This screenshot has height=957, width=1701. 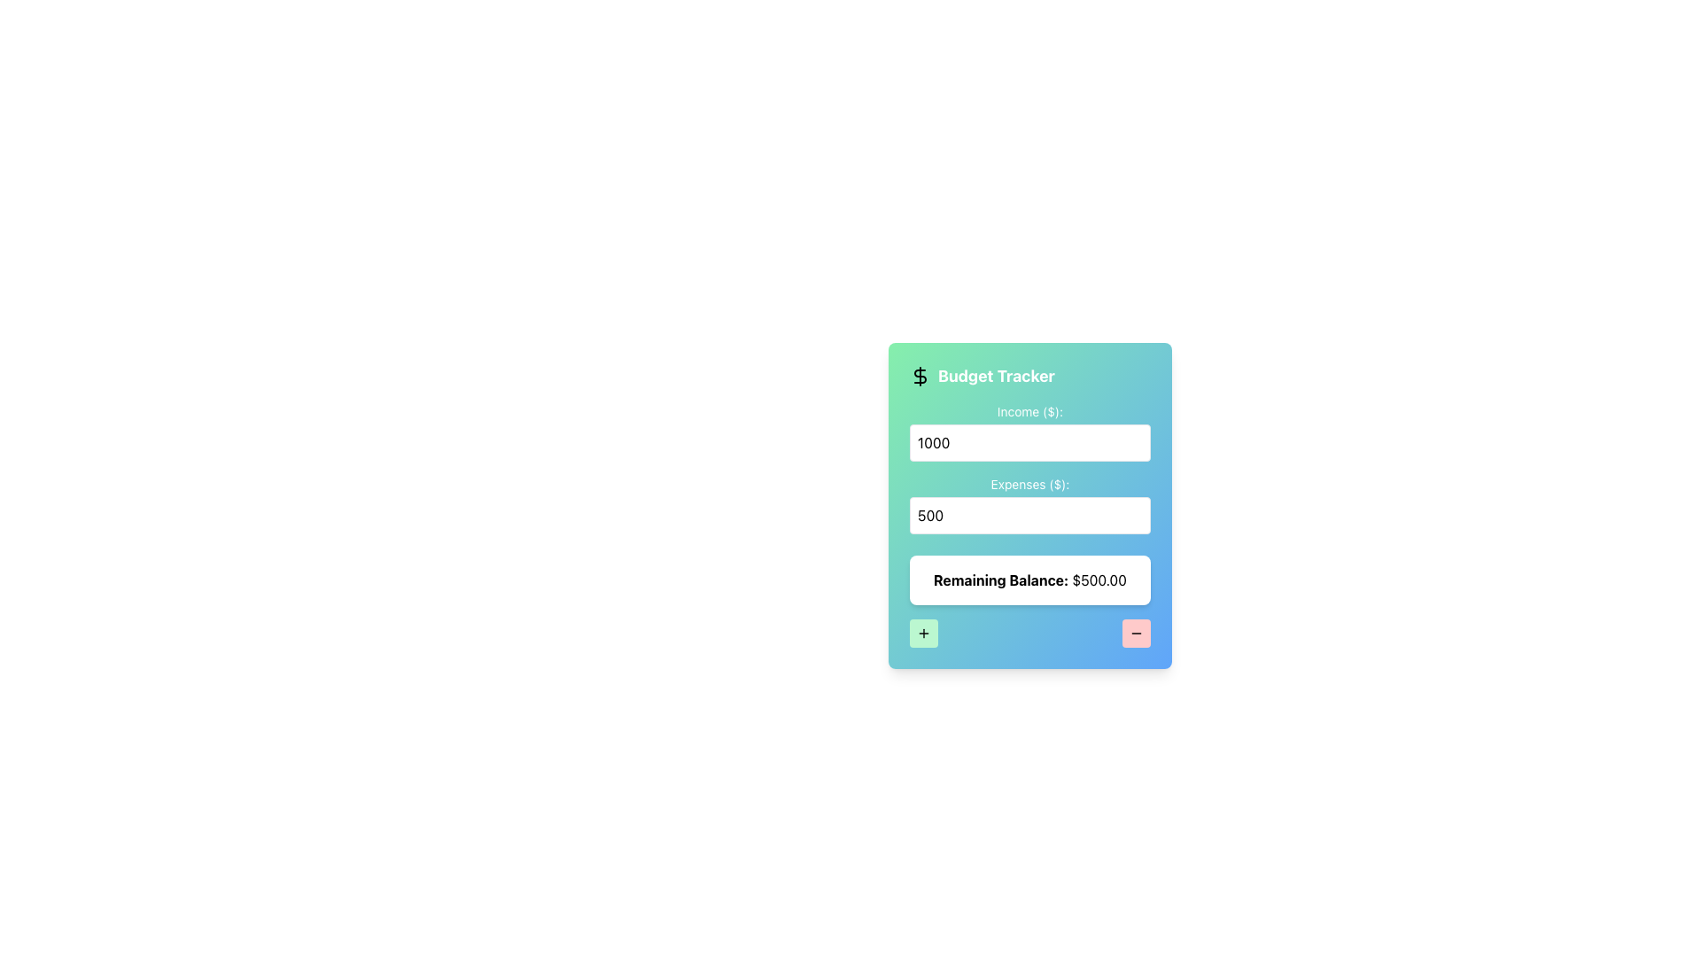 I want to click on the static informational text box displaying 'Remaining Balance: $500.00', so click(x=1029, y=580).